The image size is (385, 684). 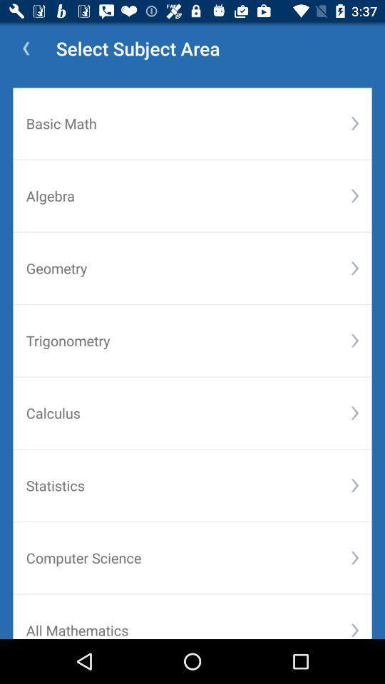 What do you see at coordinates (354, 485) in the screenshot?
I see `the sixth drop down button` at bounding box center [354, 485].